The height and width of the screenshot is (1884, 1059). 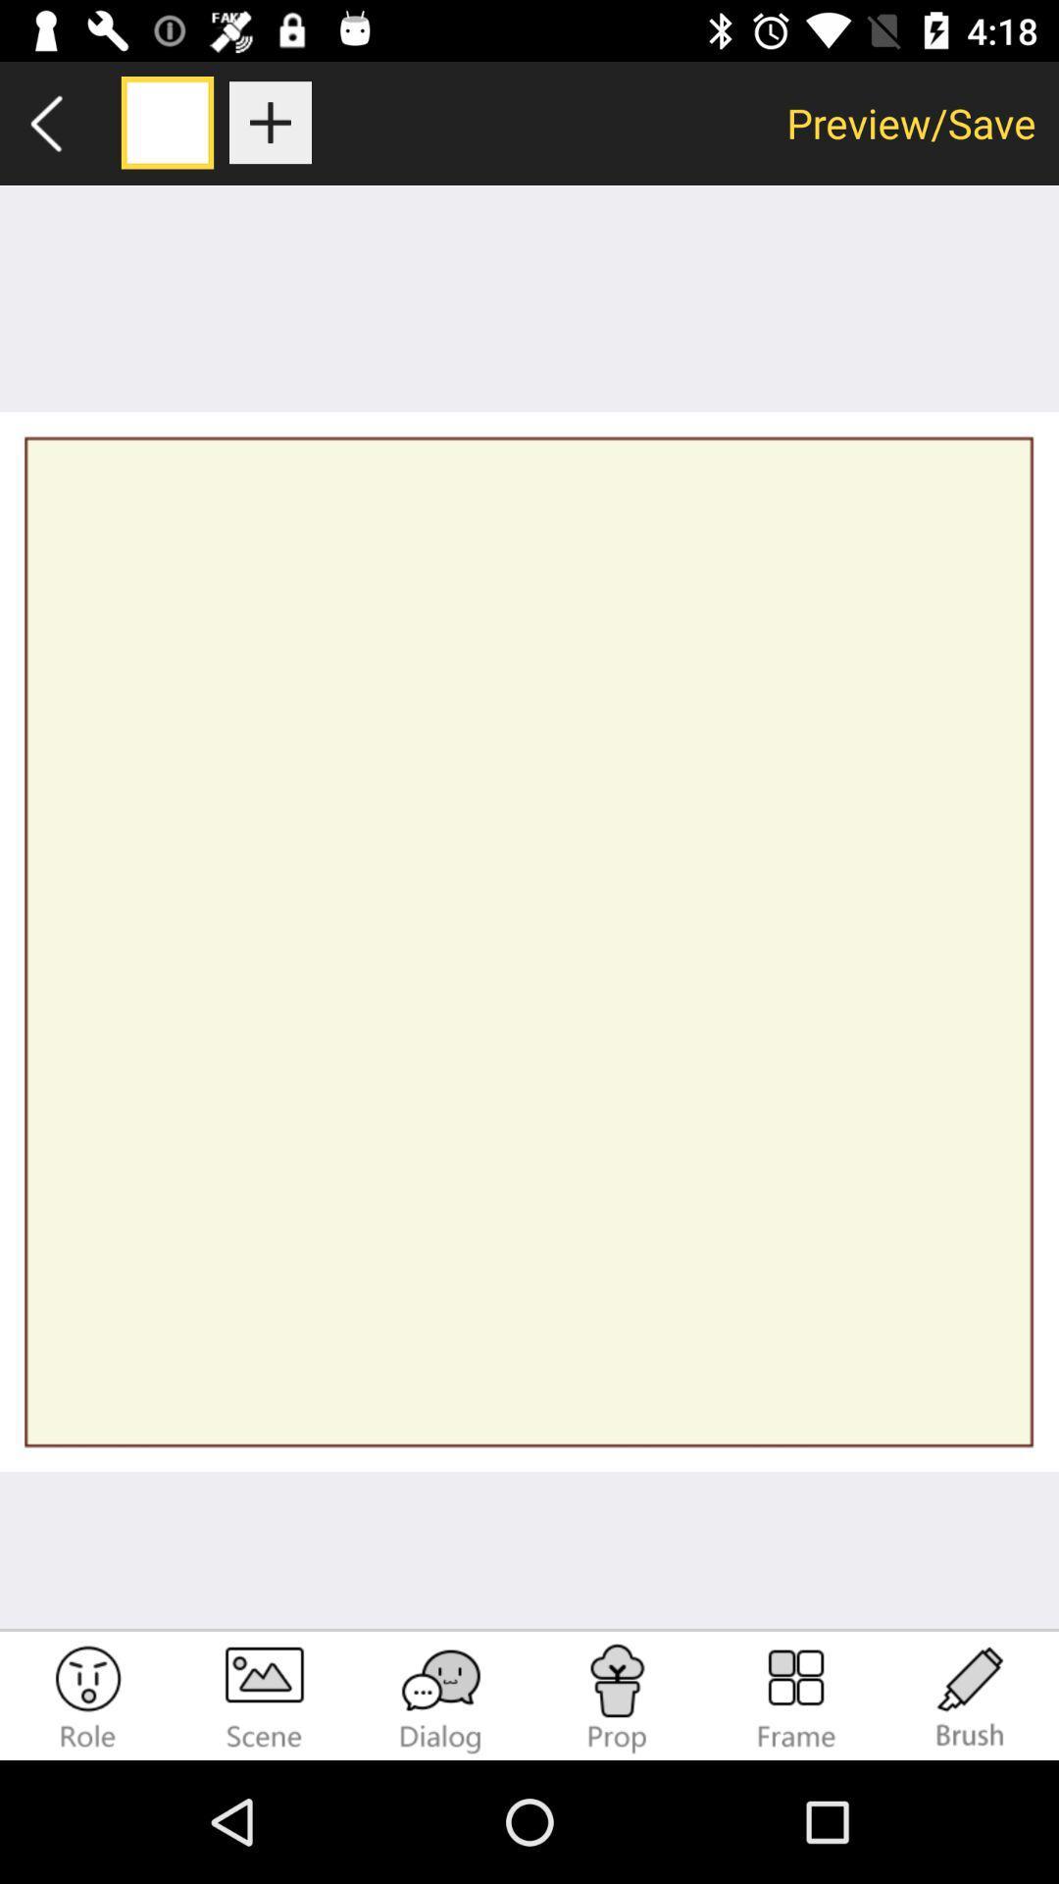 What do you see at coordinates (265, 1698) in the screenshot?
I see `the wallpaper icon` at bounding box center [265, 1698].